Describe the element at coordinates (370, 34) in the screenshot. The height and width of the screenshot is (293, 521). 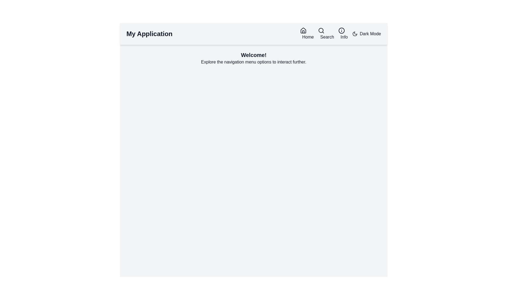
I see `the 'Dark Mode' text label located at the far right of the navigation bar, adjacent to the moon icon` at that location.